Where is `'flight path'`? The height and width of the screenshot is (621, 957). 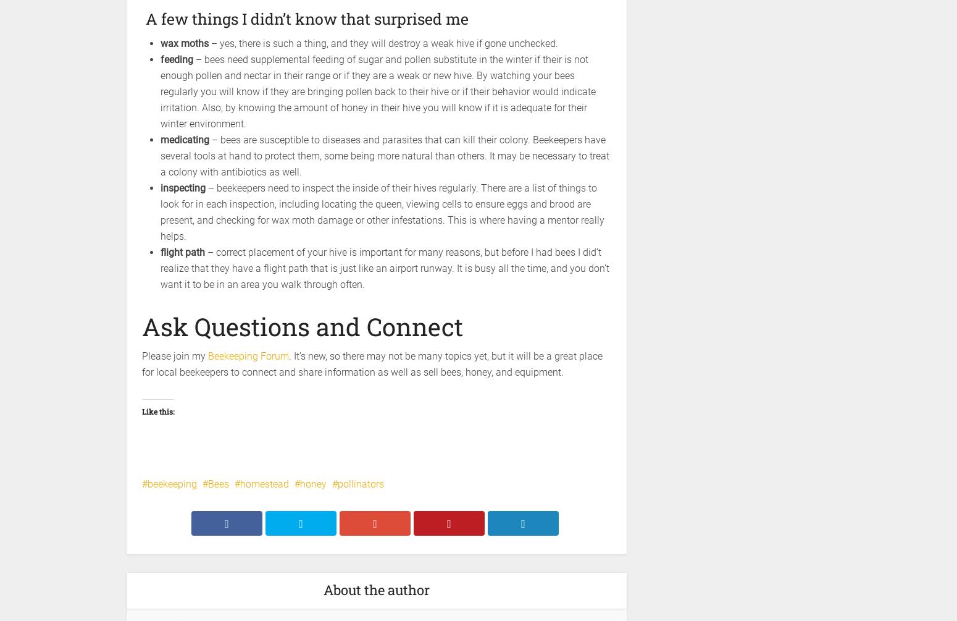 'flight path' is located at coordinates (183, 252).